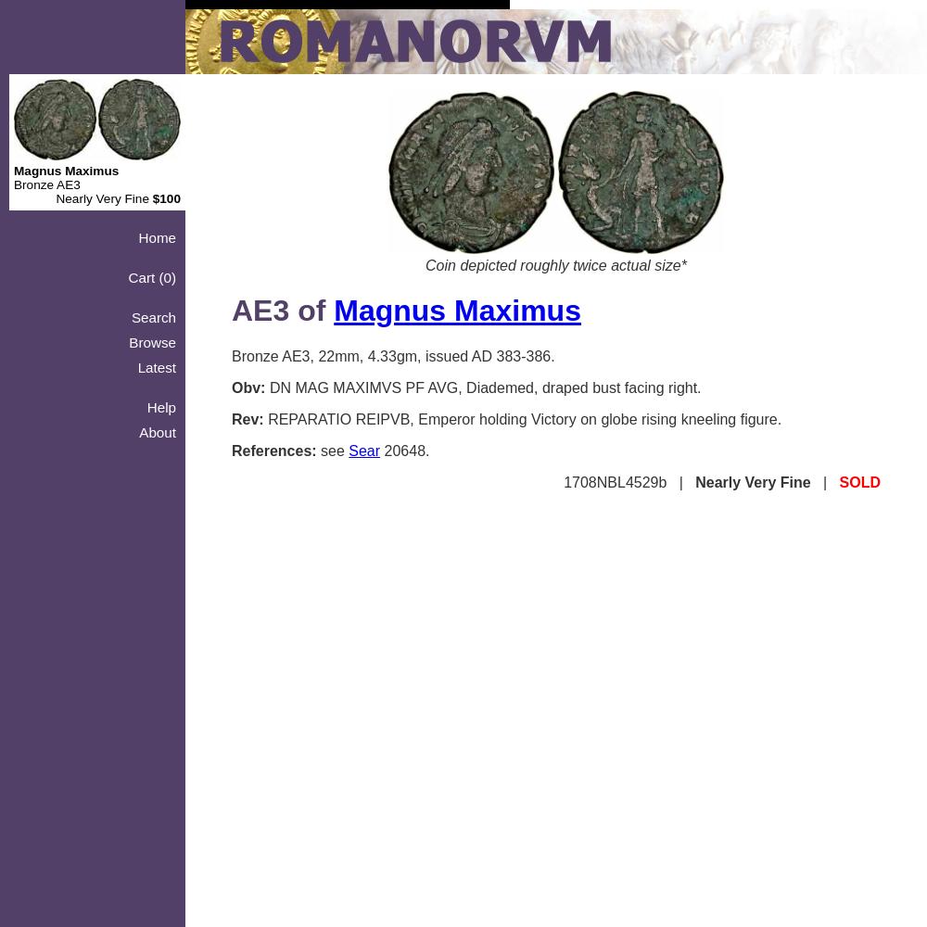  Describe the element at coordinates (46, 184) in the screenshot. I see `'Bronze AE3'` at that location.